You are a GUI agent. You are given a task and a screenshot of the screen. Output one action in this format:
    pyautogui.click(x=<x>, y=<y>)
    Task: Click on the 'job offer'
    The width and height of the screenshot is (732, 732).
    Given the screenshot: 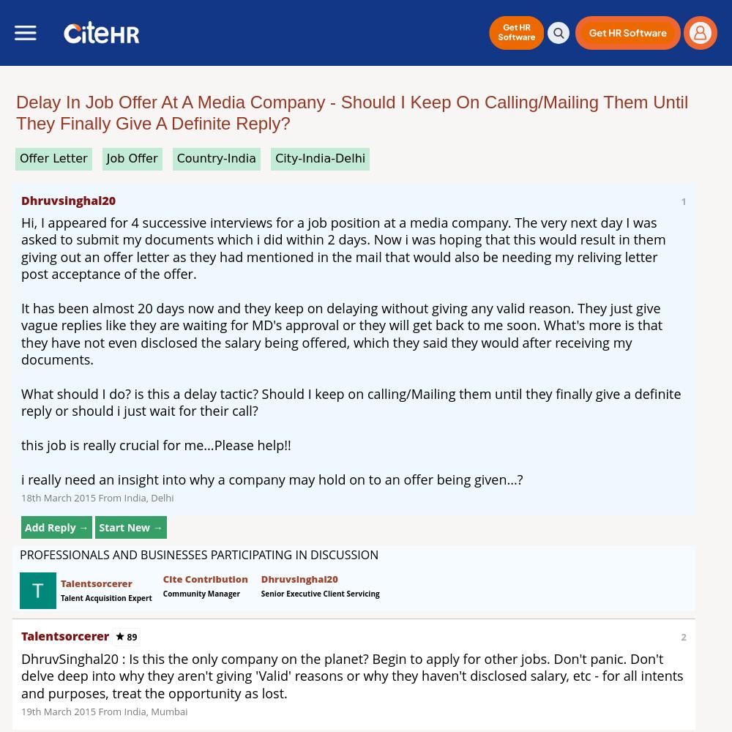 What is the action you would take?
    pyautogui.click(x=132, y=157)
    